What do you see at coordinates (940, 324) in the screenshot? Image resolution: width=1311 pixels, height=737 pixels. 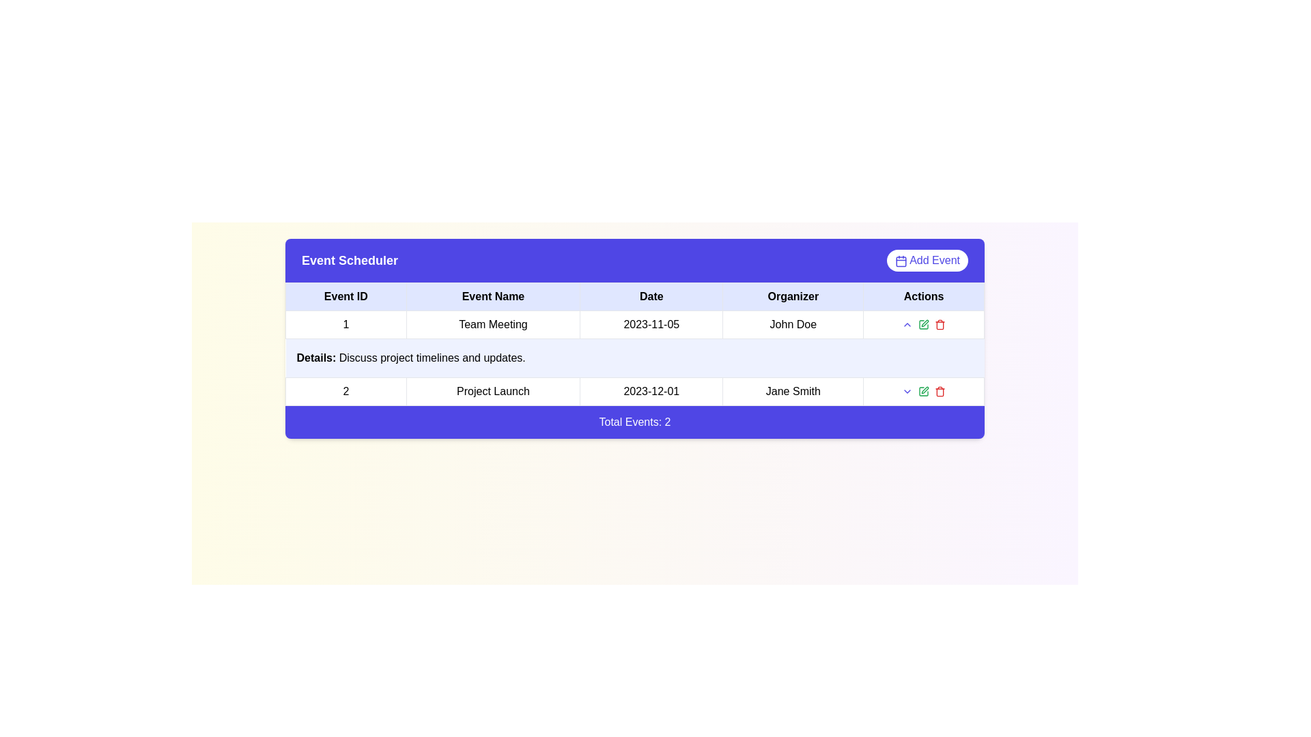 I see `the delete button located in the 'Actions' column of the second table row` at bounding box center [940, 324].